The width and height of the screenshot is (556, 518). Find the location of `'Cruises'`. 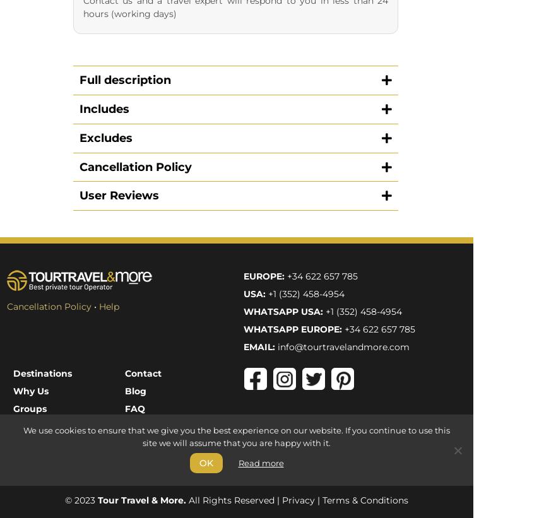

'Cruises' is located at coordinates (12, 167).